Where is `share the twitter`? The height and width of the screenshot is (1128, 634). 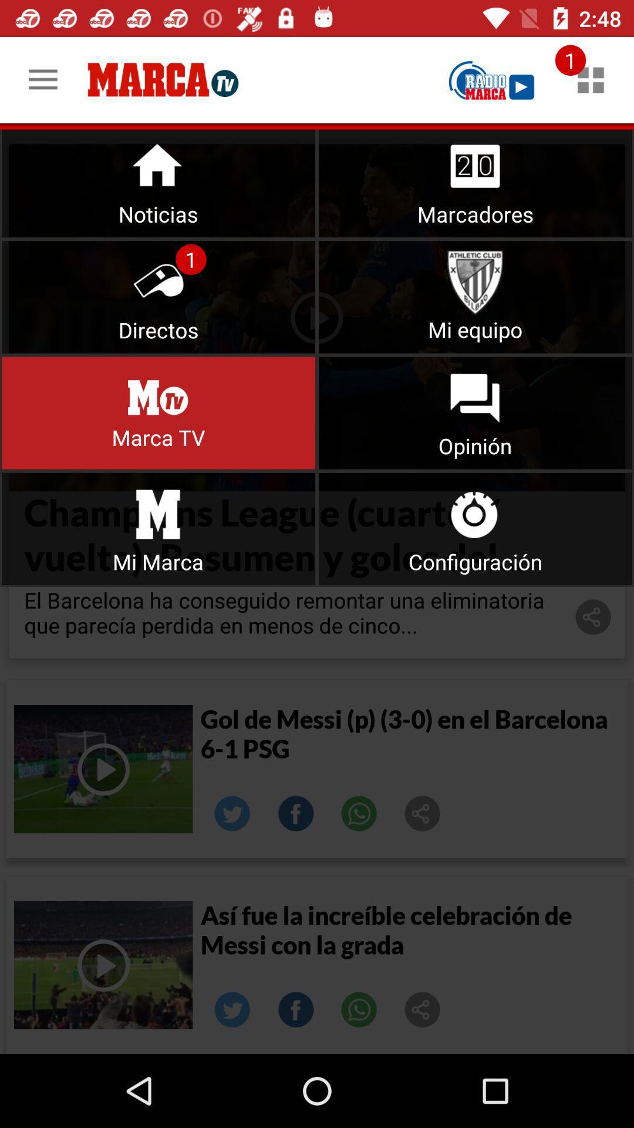 share the twitter is located at coordinates (232, 813).